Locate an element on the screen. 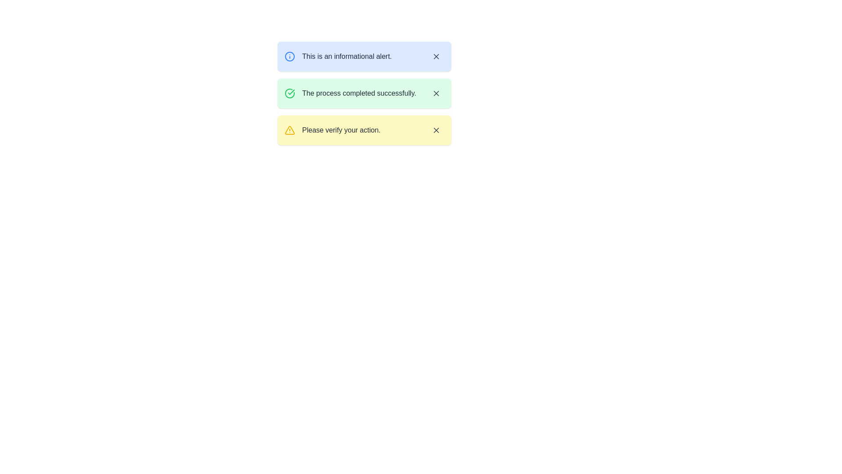 The width and height of the screenshot is (842, 474). the circular SVG element with a blue outline located within the first informational alert box that has a light blue background and the text label saying 'This is an informational alert' is located at coordinates (290, 56).